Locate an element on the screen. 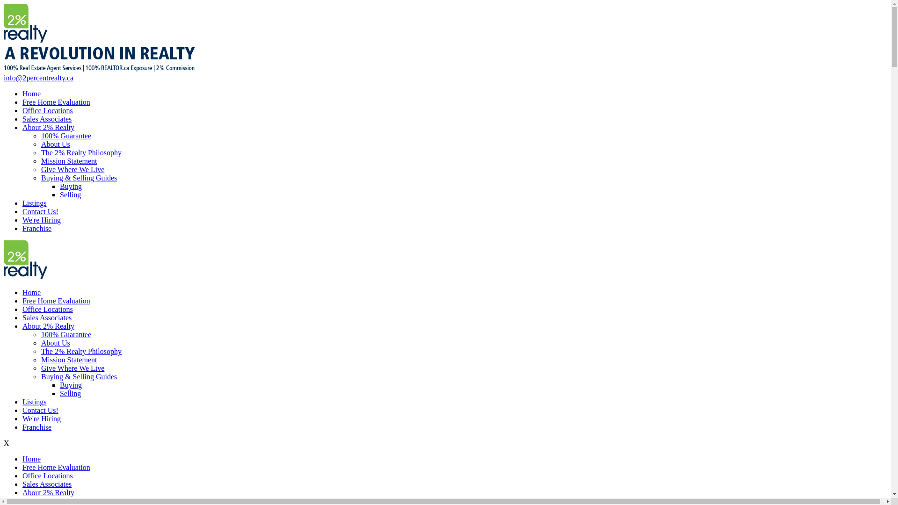  'Selling' is located at coordinates (70, 194).